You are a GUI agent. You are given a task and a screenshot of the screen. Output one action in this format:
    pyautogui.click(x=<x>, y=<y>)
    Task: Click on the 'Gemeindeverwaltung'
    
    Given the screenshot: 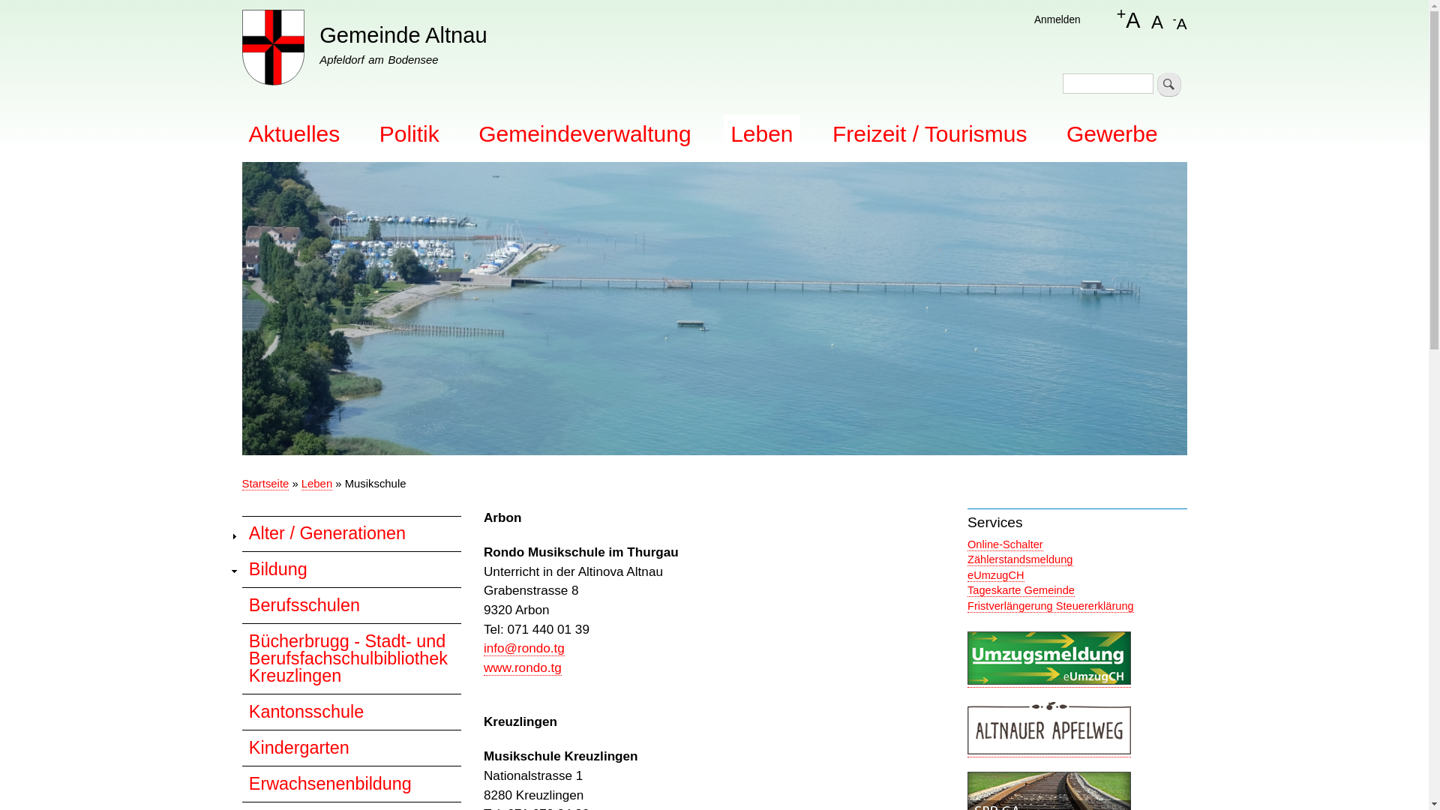 What is the action you would take?
    pyautogui.click(x=583, y=133)
    